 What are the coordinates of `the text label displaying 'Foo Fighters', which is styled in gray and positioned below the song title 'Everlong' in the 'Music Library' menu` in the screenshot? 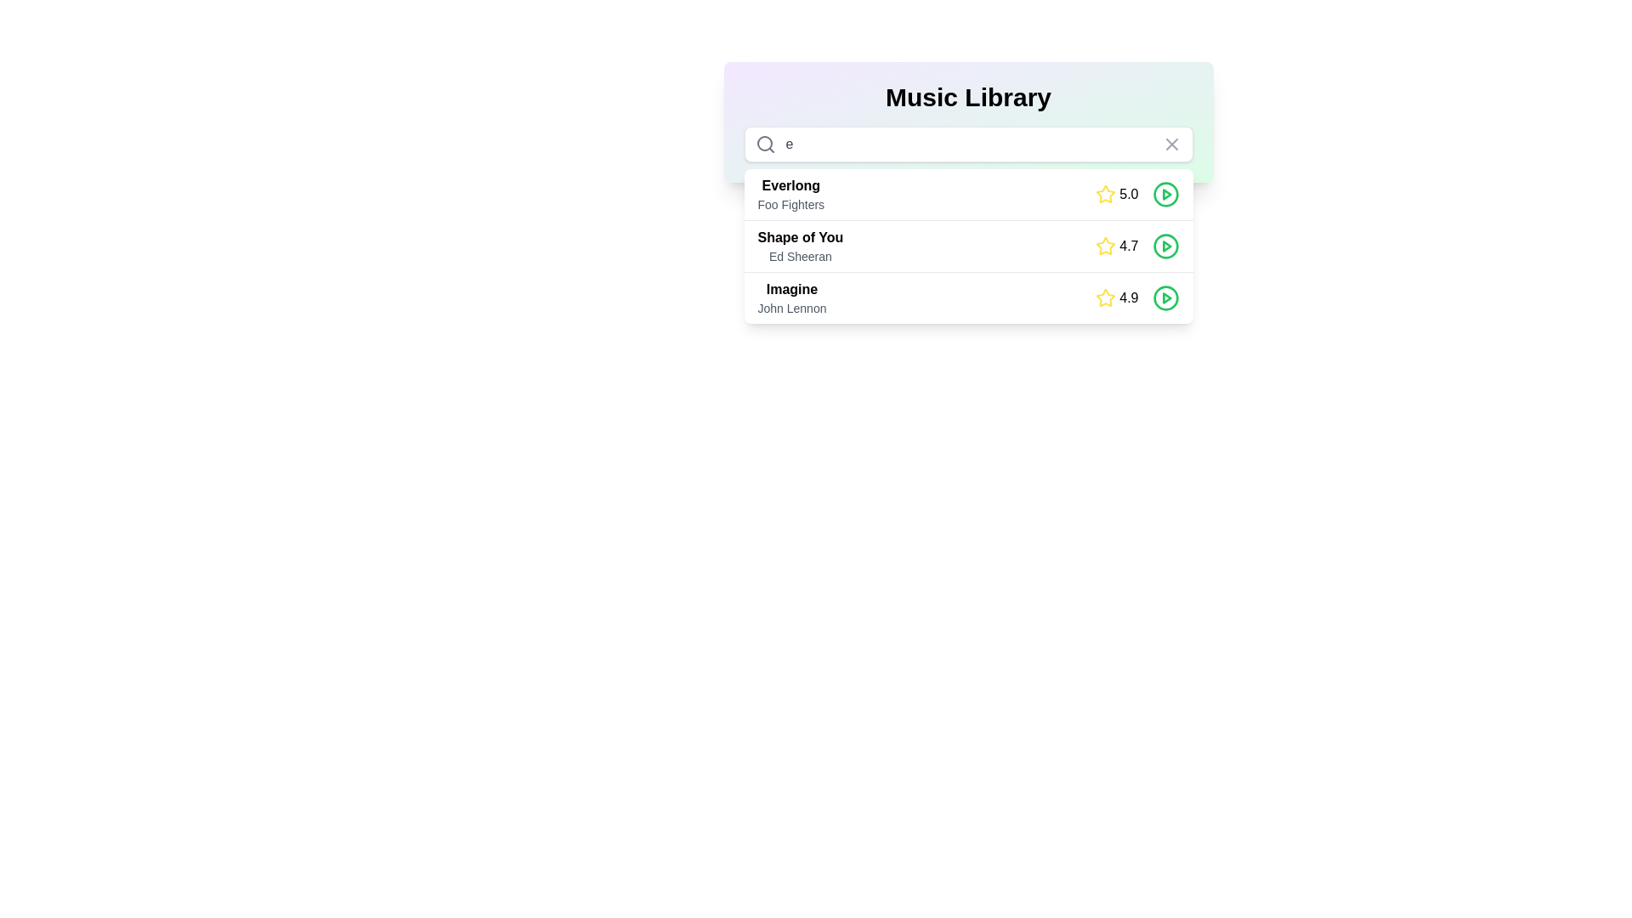 It's located at (790, 203).